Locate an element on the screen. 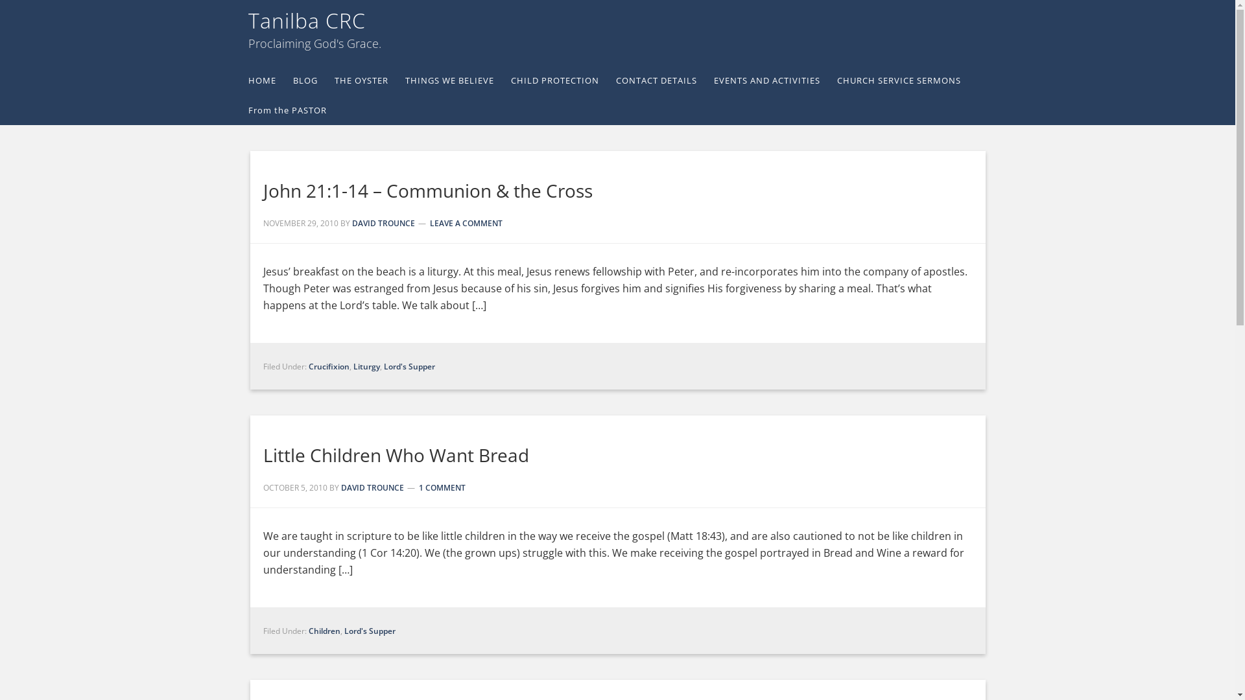  'THINGS WE BELIEVE' is located at coordinates (404, 80).